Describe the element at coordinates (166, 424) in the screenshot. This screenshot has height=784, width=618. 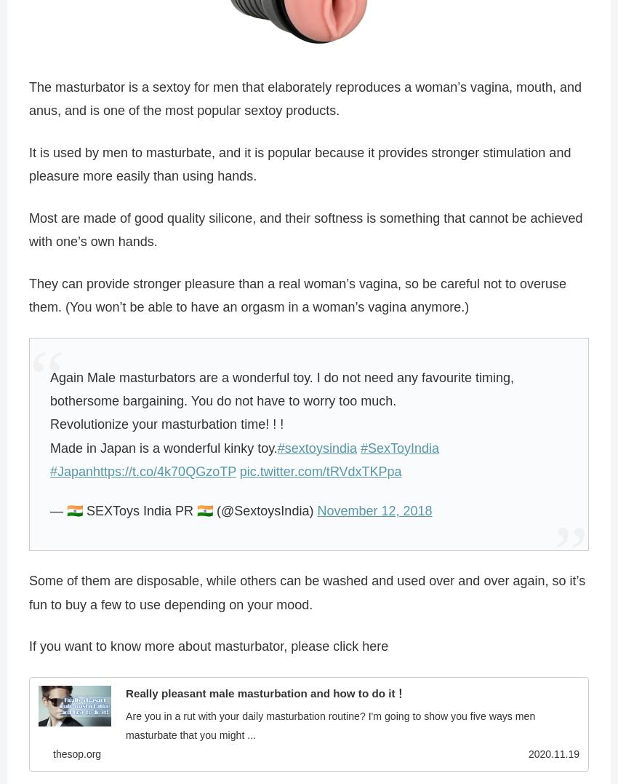
I see `'Revolutionize your masturbation time! ! !'` at that location.